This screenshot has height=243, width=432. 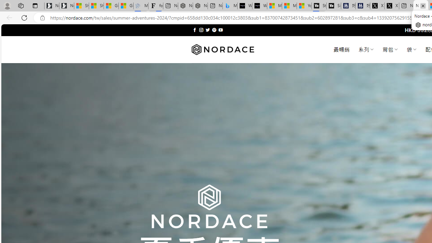 What do you see at coordinates (66, 6) in the screenshot?
I see `'Newsletter Sign Up'` at bounding box center [66, 6].